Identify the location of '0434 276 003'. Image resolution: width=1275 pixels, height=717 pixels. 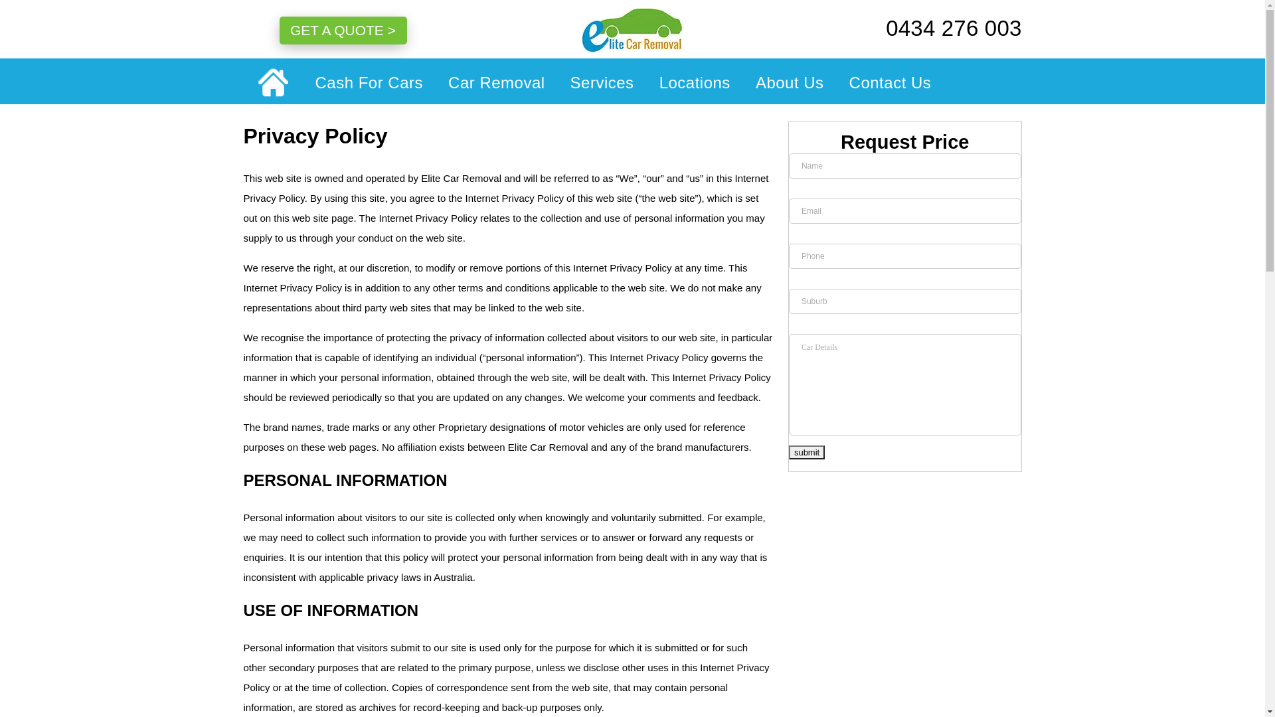
(936, 28).